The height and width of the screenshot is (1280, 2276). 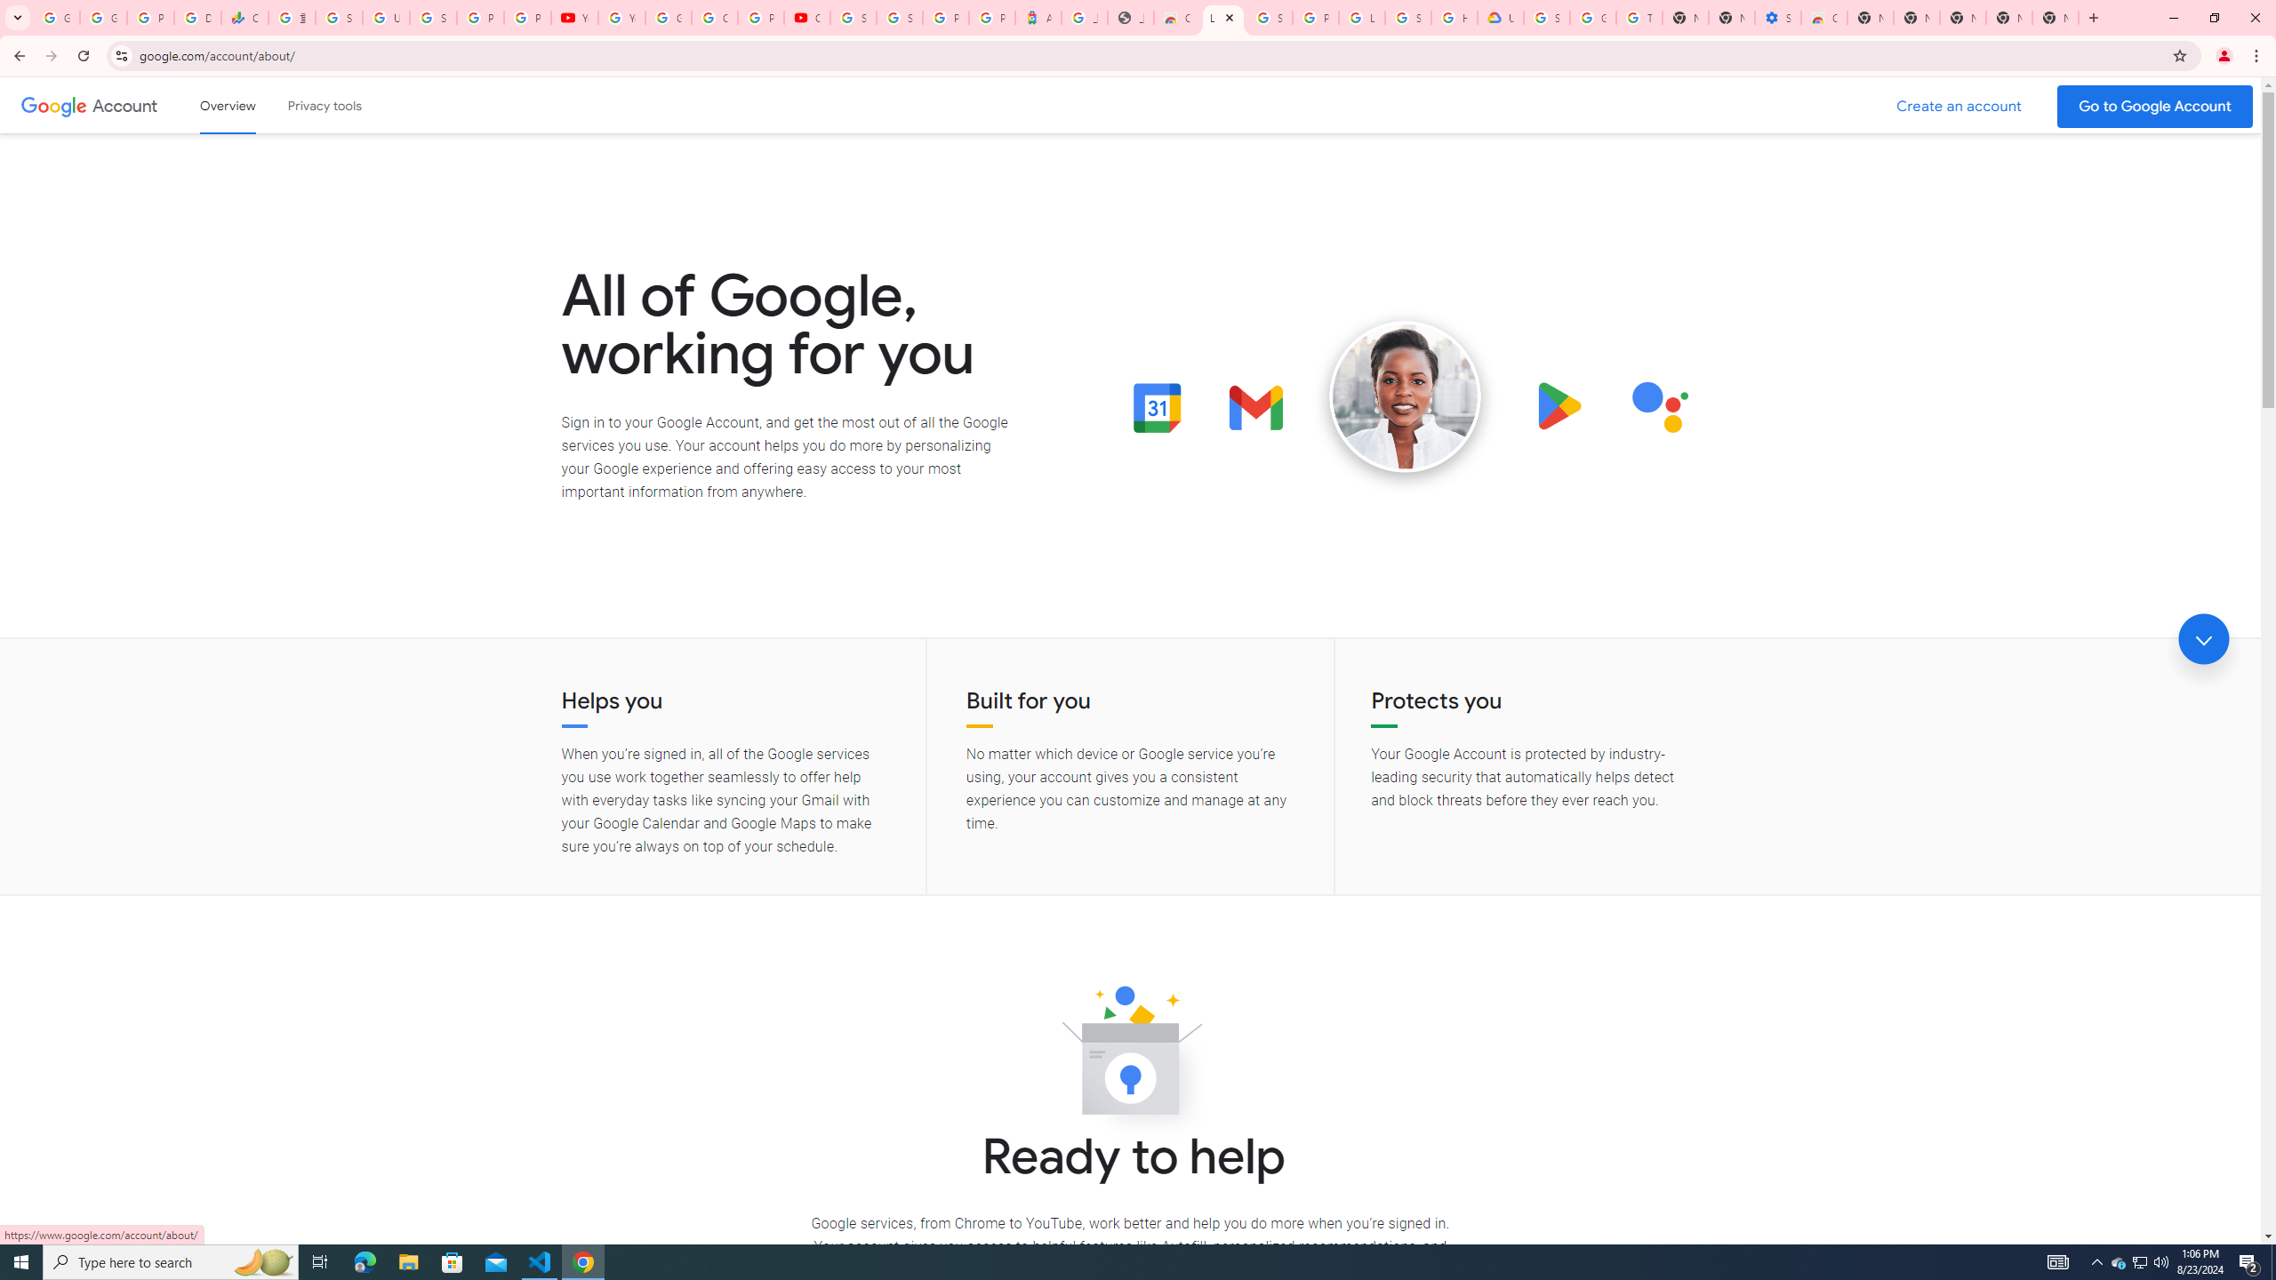 What do you see at coordinates (1823, 17) in the screenshot?
I see `'Chrome Web Store - Accessibility extensions'` at bounding box center [1823, 17].